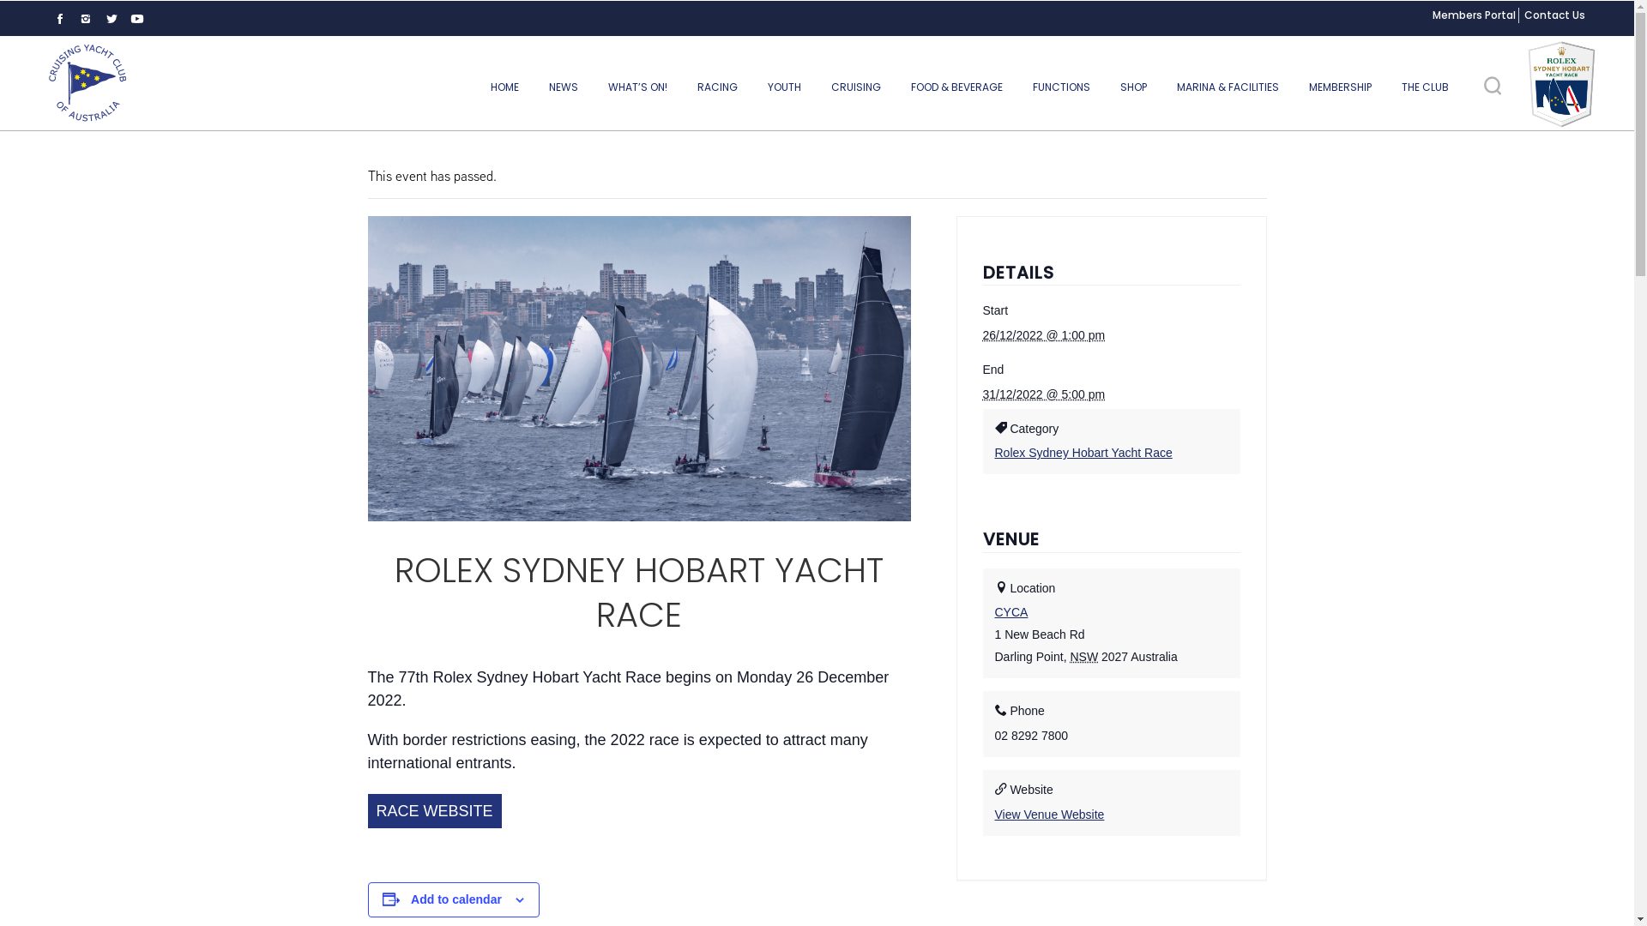 The height and width of the screenshot is (926, 1647). What do you see at coordinates (85, 19) in the screenshot?
I see `'Visit our Instagram profile'` at bounding box center [85, 19].